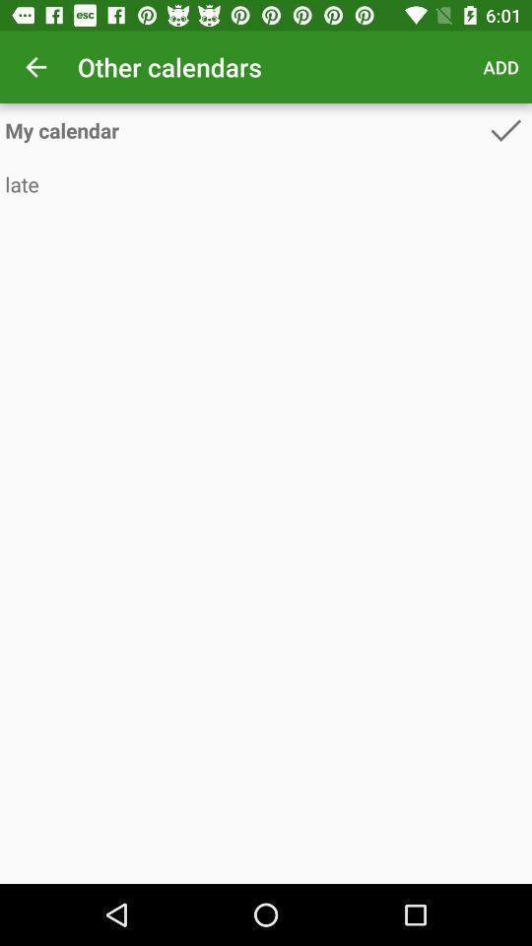  What do you see at coordinates (505, 129) in the screenshot?
I see `the icon next to my calendar icon` at bounding box center [505, 129].